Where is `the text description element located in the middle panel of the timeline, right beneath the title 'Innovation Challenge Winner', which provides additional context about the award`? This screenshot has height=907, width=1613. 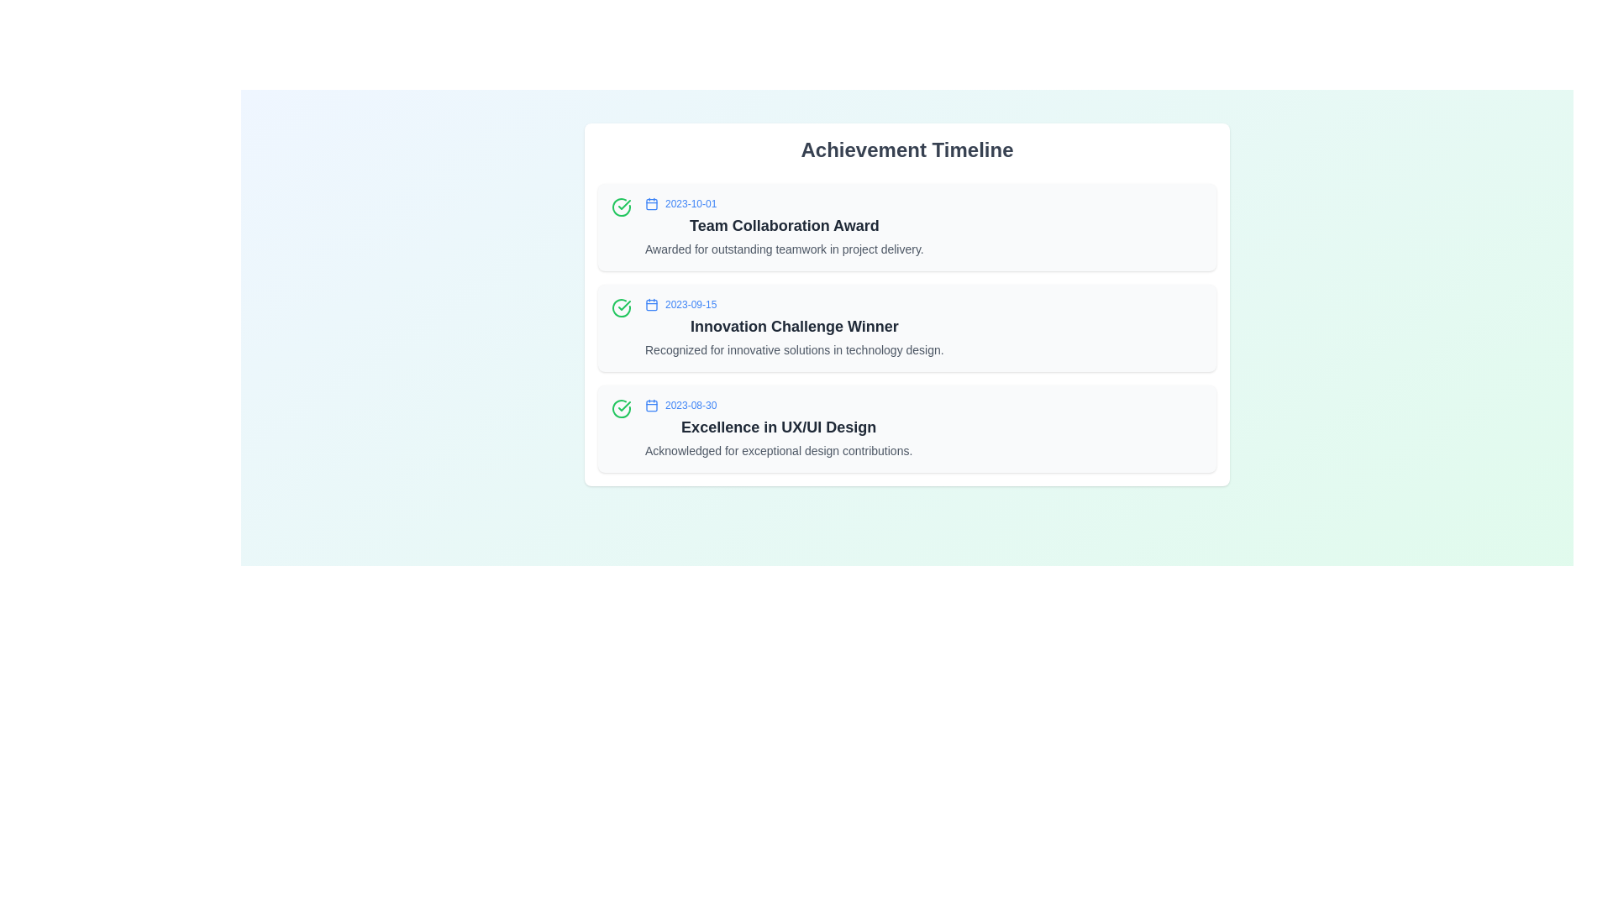
the text description element located in the middle panel of the timeline, right beneath the title 'Innovation Challenge Winner', which provides additional context about the award is located at coordinates (793, 349).